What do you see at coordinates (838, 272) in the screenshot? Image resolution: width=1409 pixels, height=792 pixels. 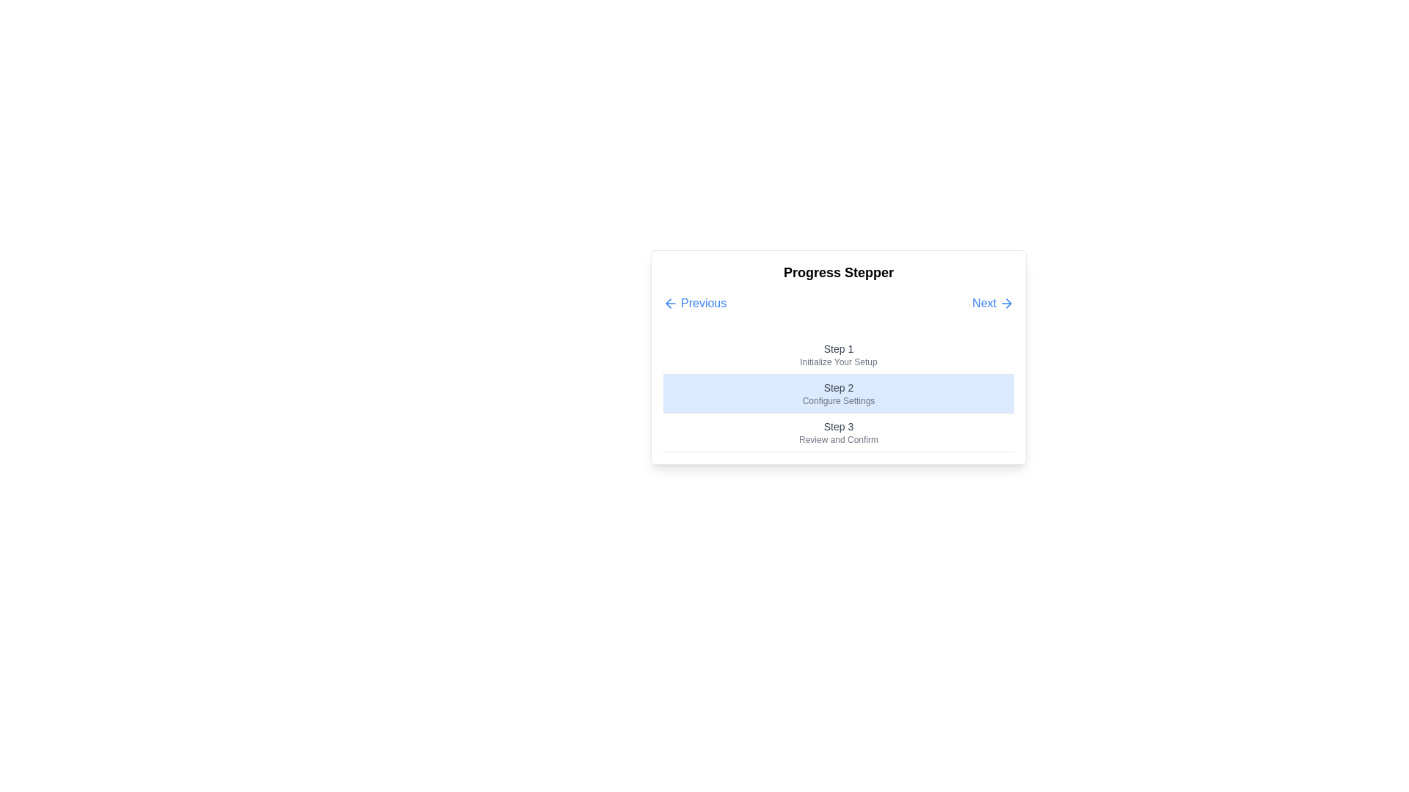 I see `the Text label that serves as a title or header for the section, which is positioned at the top and centered horizontally, above the navigation buttons and step list` at bounding box center [838, 272].